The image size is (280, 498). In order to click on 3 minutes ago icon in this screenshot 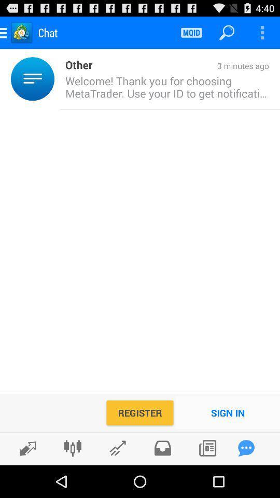, I will do `click(180, 66)`.